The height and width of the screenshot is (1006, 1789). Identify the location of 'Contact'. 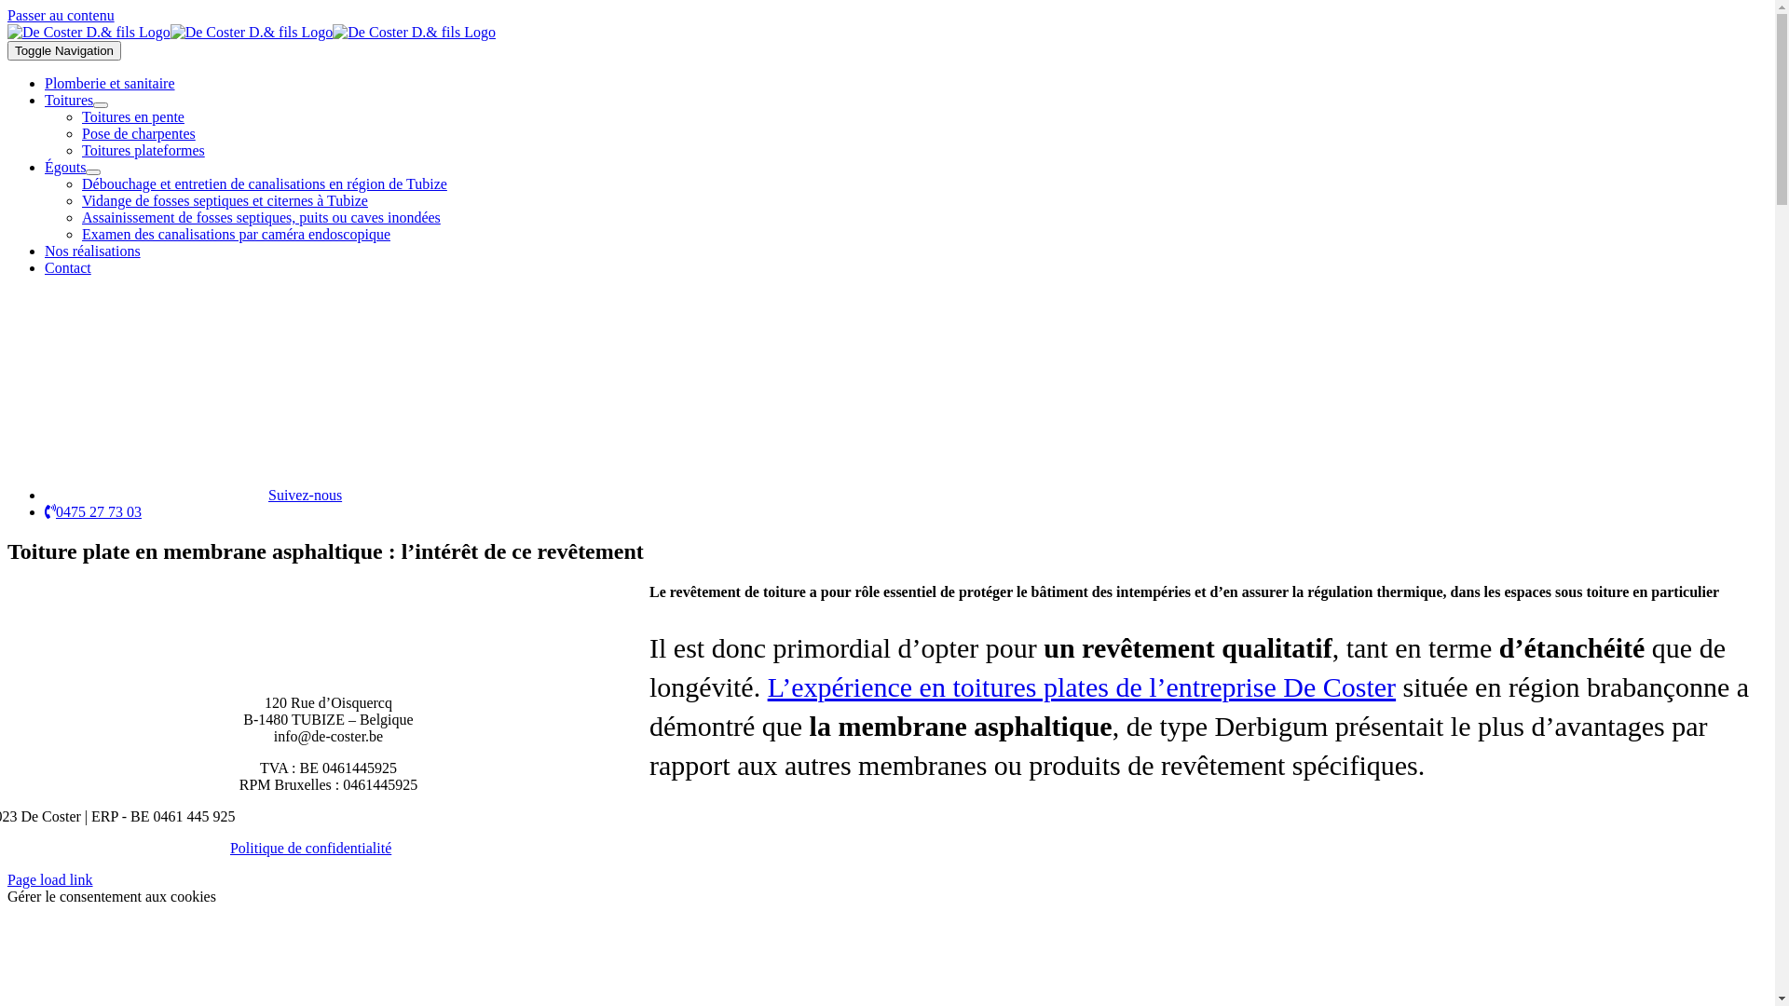
(45, 267).